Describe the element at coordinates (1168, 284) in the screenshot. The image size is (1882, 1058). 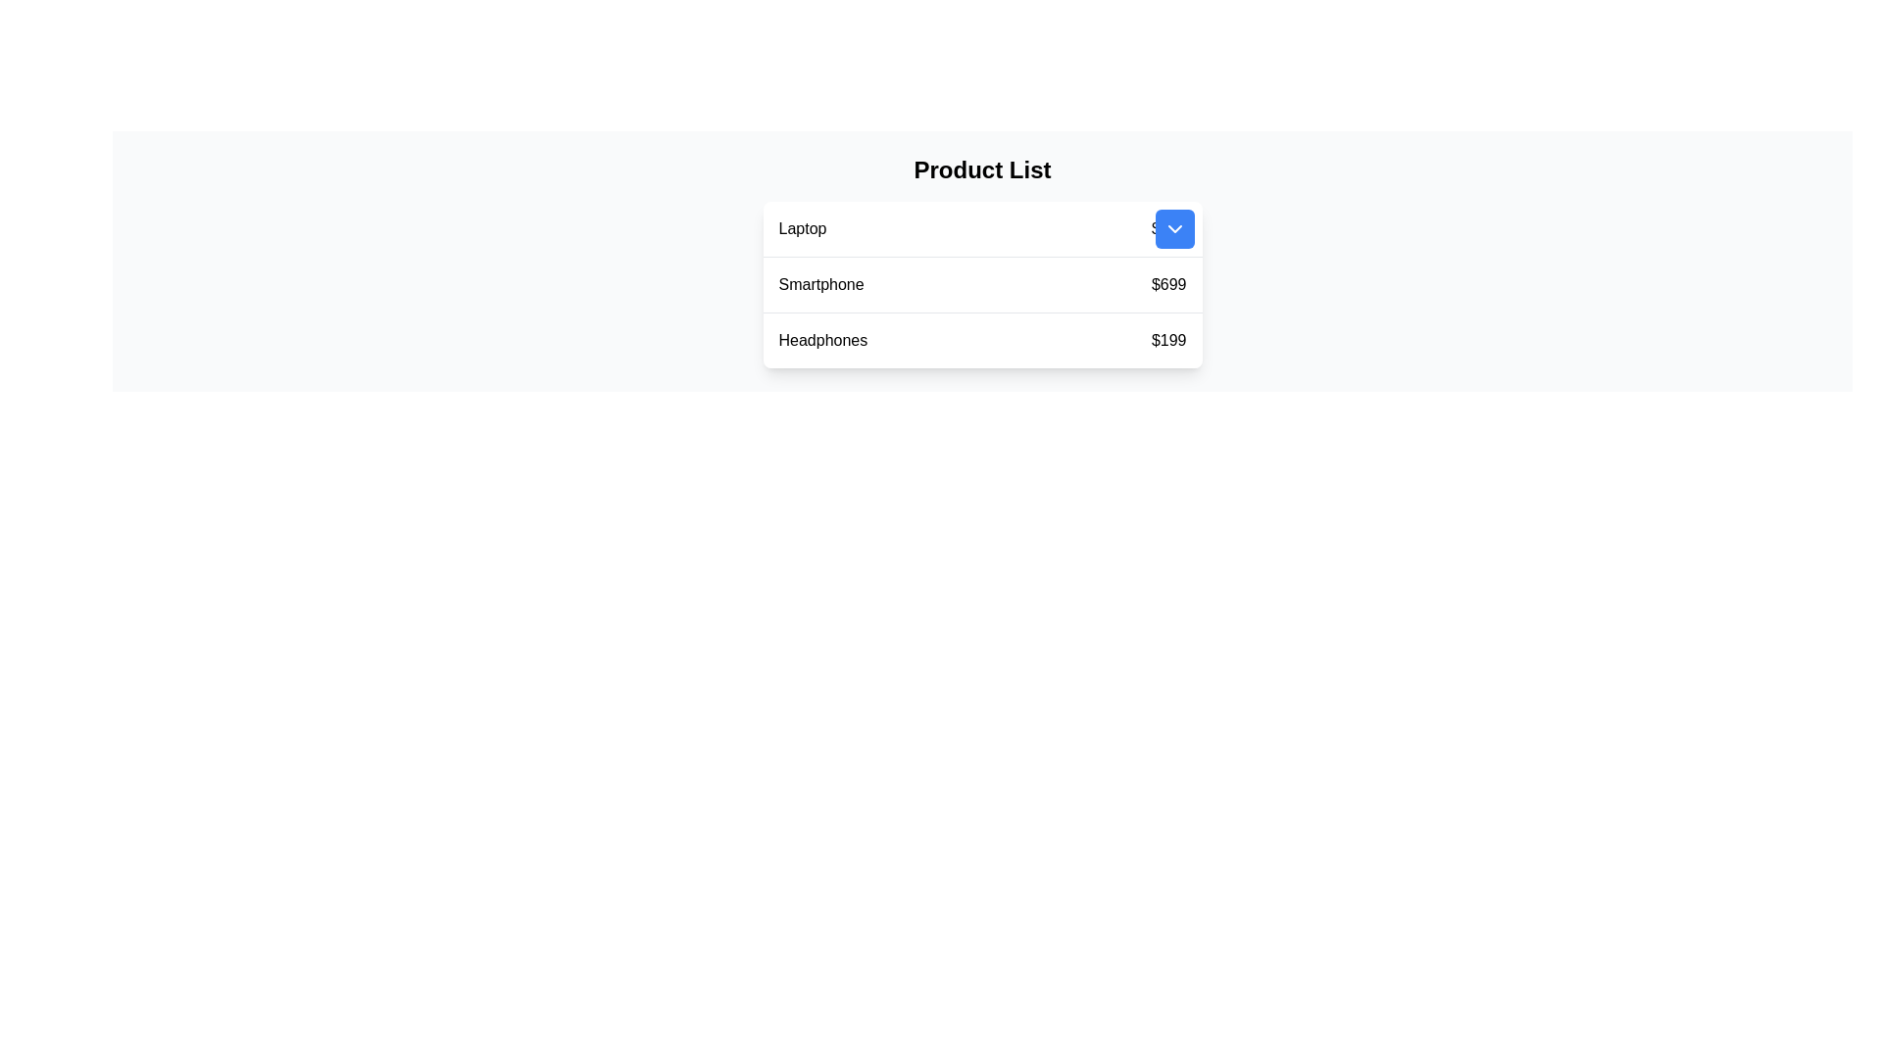
I see `price value displayed as '$699', which is a text label styled in a default sans-serif font, located in the second row of the product list interface next to 'Smartphone'` at that location.